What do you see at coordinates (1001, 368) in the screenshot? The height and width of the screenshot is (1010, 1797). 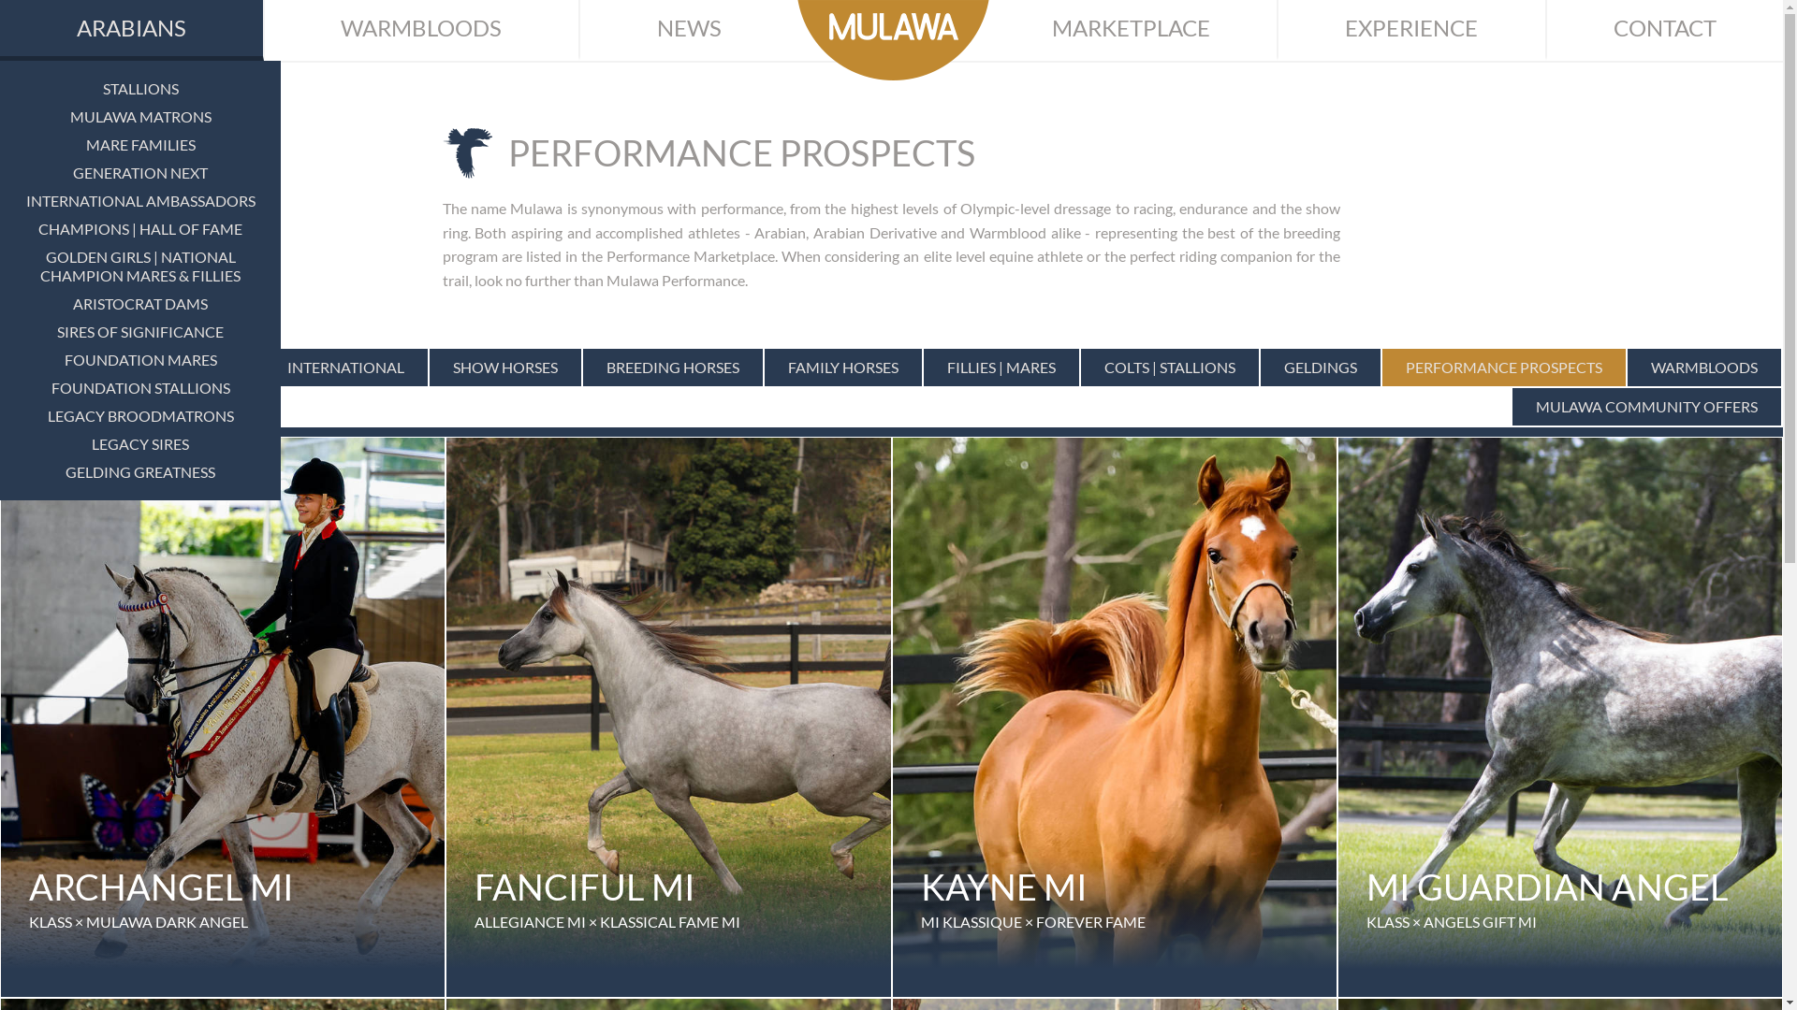 I see `'FILLIES | MARES'` at bounding box center [1001, 368].